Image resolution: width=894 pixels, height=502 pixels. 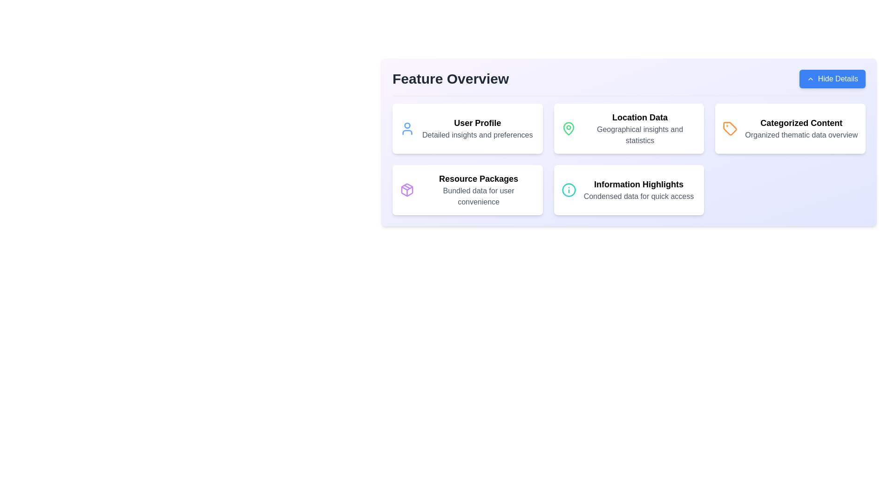 What do you see at coordinates (639, 117) in the screenshot?
I see `the Header text element of the second card in the top row, which summarizes the card's purpose and insights about locations` at bounding box center [639, 117].